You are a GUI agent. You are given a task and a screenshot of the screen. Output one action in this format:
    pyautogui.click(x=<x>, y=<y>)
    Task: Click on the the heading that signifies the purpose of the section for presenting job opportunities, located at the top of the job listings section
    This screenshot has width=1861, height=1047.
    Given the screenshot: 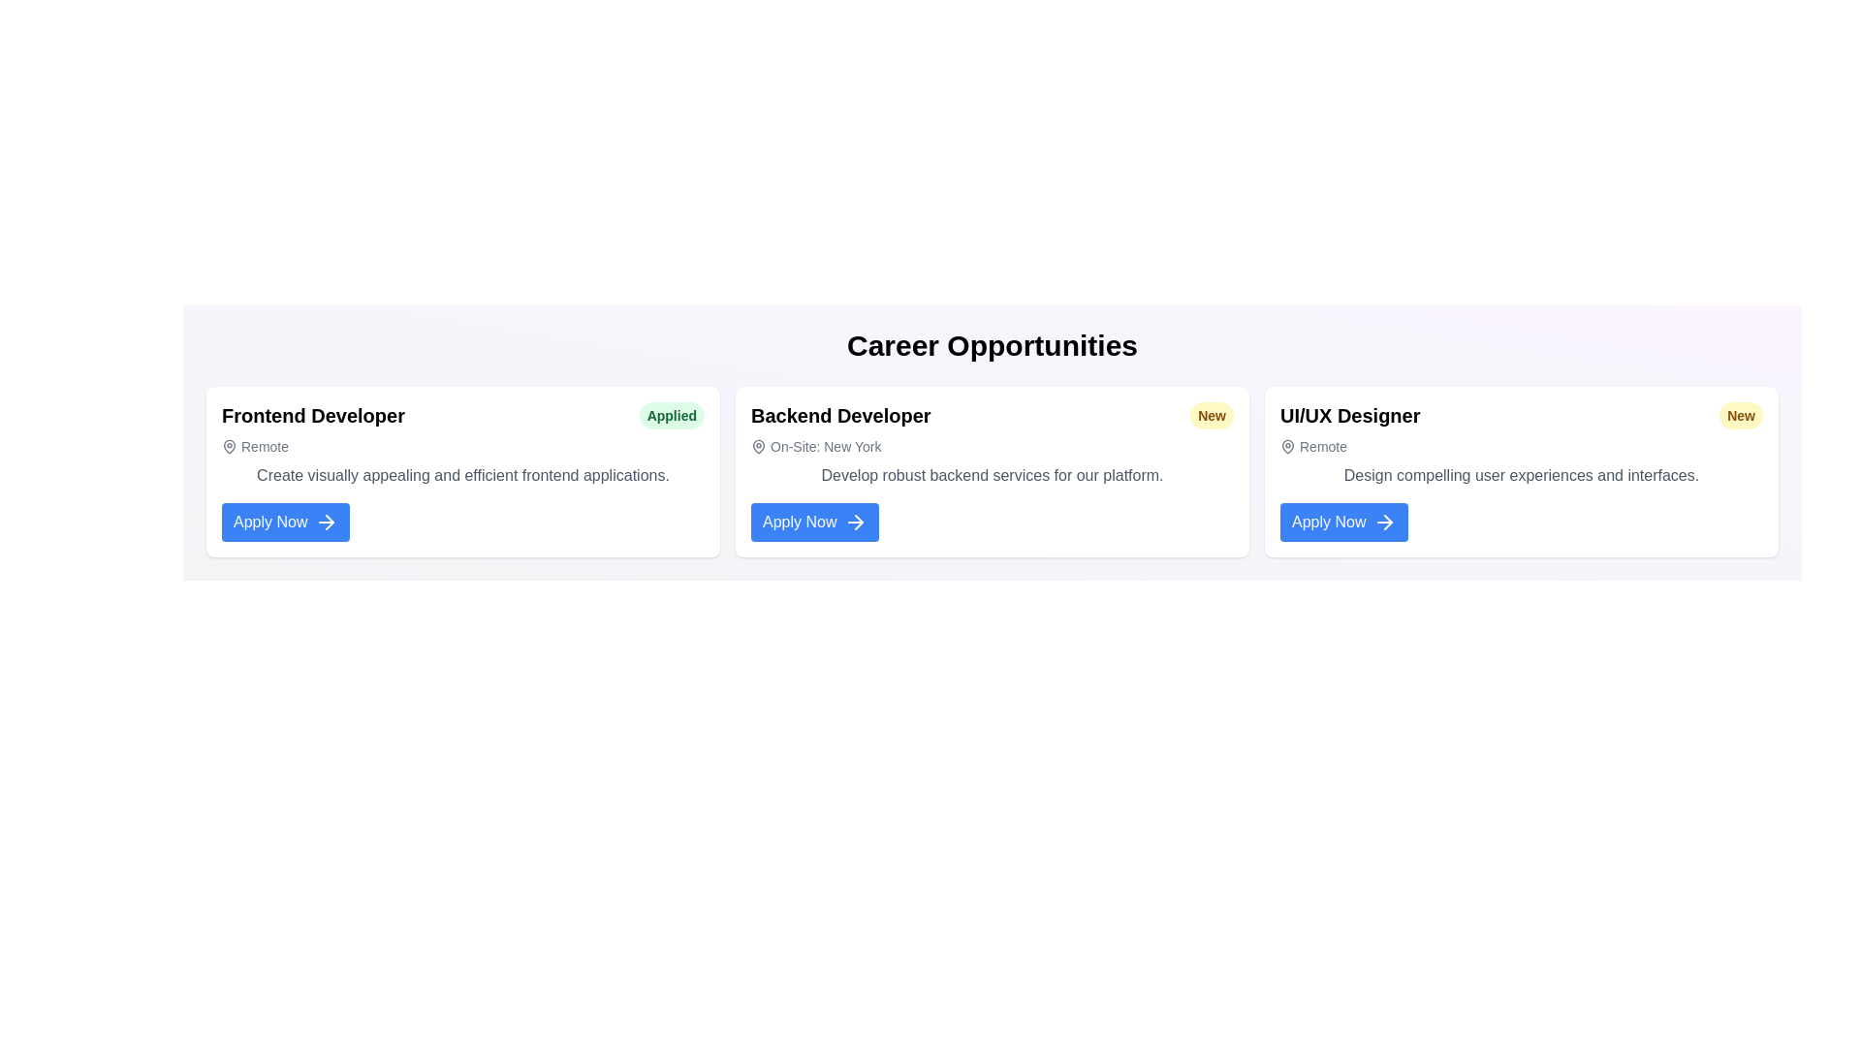 What is the action you would take?
    pyautogui.click(x=992, y=345)
    